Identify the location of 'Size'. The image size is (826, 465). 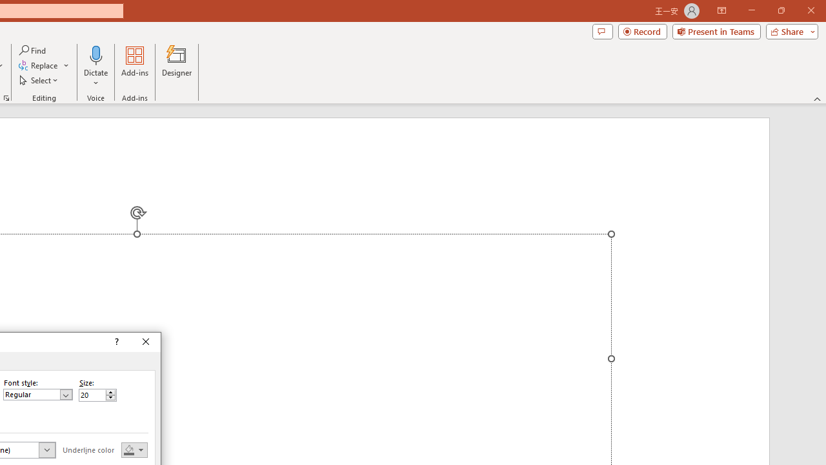
(97, 395).